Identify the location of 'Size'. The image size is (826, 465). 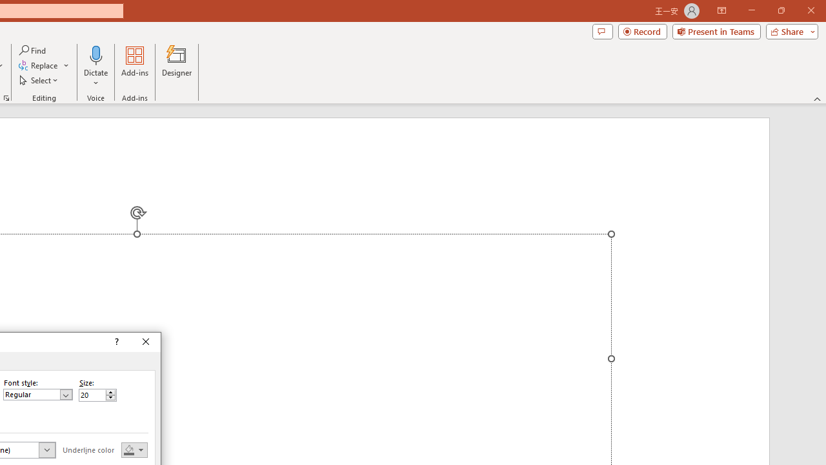
(97, 395).